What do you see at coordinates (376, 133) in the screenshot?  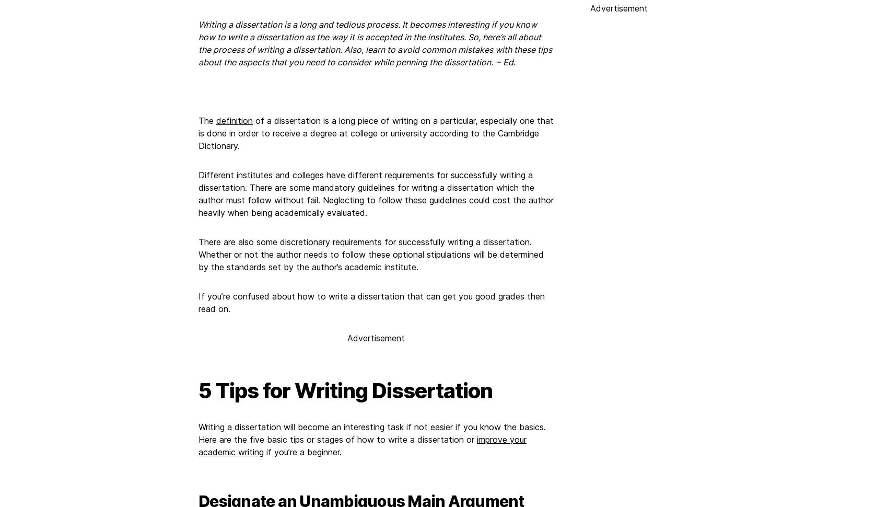 I see `'of a dissertation is a long piece of writing on a particular, especially one that is done in order to receive a degree at college or university according to the Cambridge Dictionary.'` at bounding box center [376, 133].